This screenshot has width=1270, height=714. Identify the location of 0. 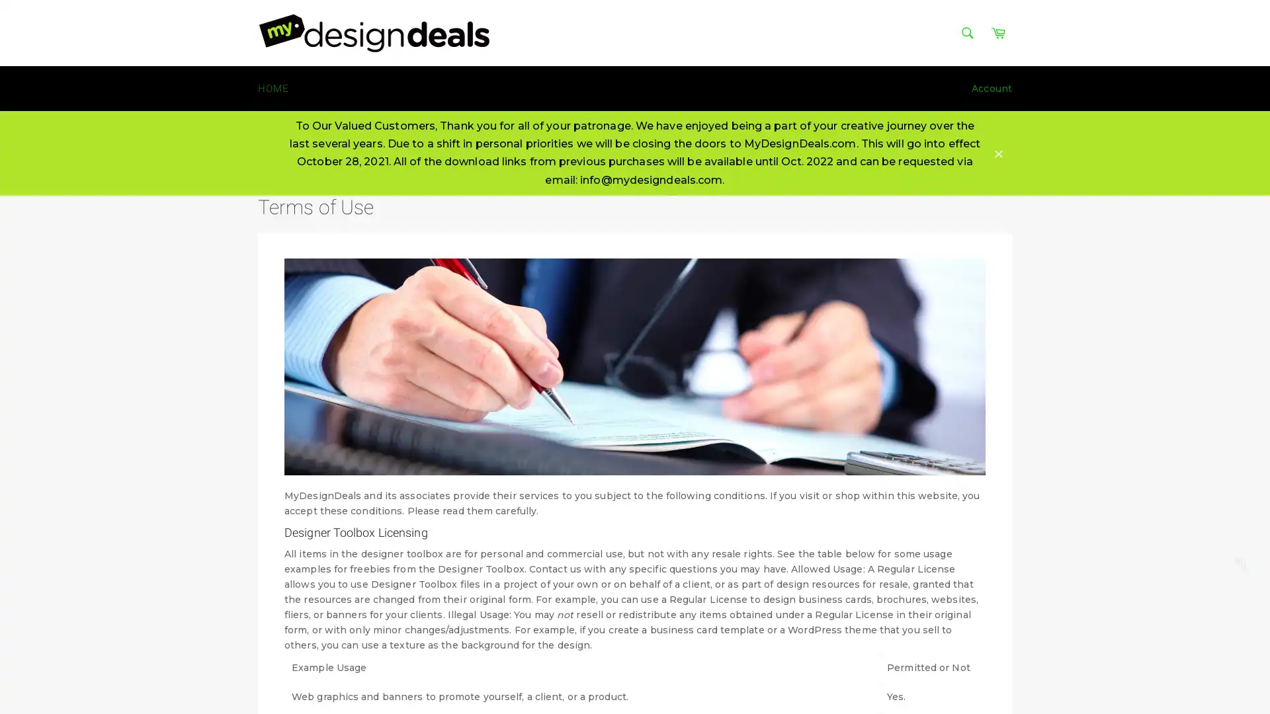
(1243, 565).